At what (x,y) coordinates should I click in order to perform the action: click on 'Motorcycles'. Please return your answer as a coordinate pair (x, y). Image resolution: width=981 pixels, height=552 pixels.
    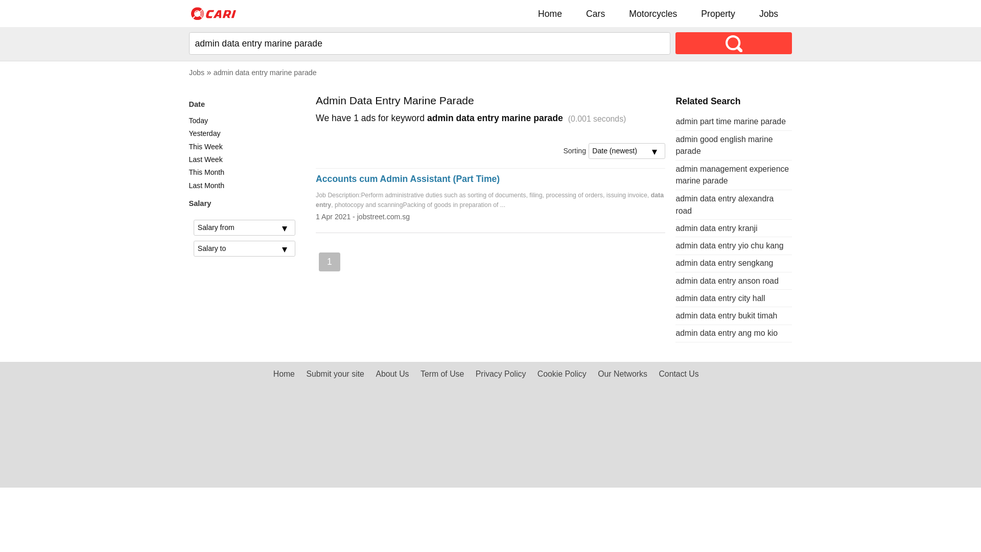
    Looking at the image, I should click on (652, 13).